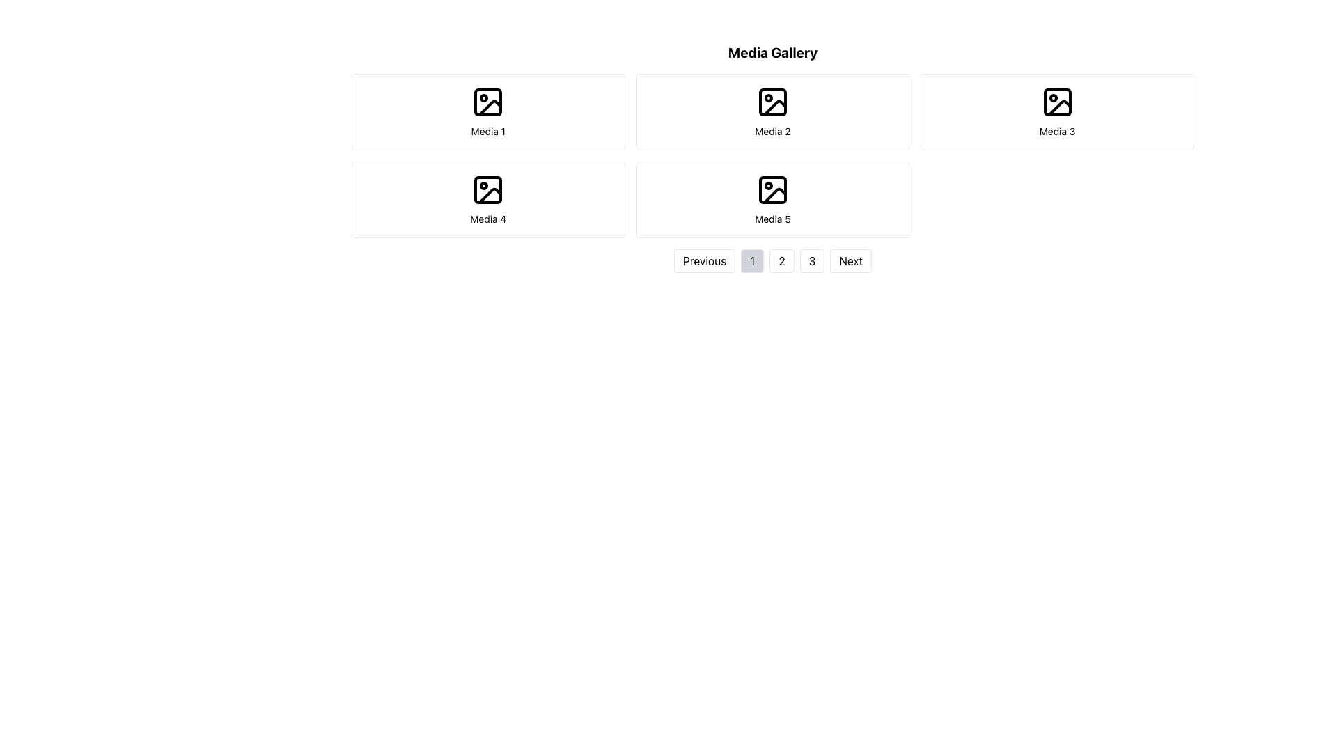 This screenshot has width=1337, height=752. I want to click on the navigation button for page 3, located between the elements labeled '2' and 'Next' in the navigation bar, so click(812, 260).